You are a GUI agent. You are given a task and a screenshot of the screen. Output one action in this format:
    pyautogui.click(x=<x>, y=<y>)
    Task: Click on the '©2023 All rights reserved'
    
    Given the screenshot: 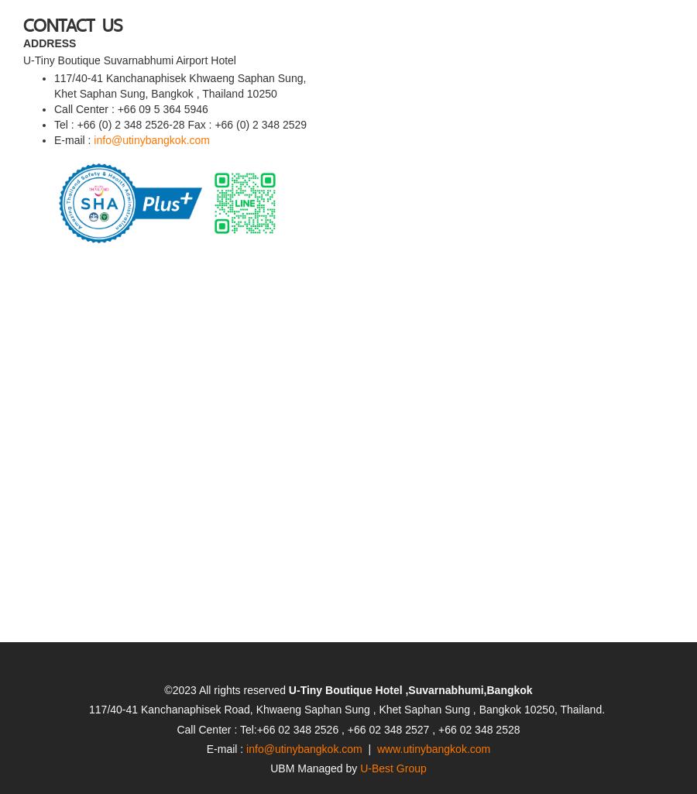 What is the action you would take?
    pyautogui.click(x=225, y=645)
    